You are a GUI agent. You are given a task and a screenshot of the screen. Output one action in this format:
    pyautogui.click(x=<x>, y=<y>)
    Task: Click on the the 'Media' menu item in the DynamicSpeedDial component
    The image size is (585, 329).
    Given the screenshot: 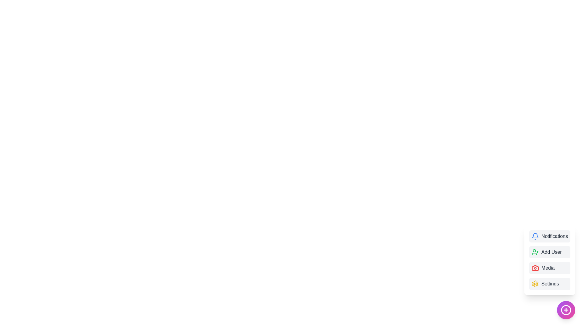 What is the action you would take?
    pyautogui.click(x=550, y=267)
    